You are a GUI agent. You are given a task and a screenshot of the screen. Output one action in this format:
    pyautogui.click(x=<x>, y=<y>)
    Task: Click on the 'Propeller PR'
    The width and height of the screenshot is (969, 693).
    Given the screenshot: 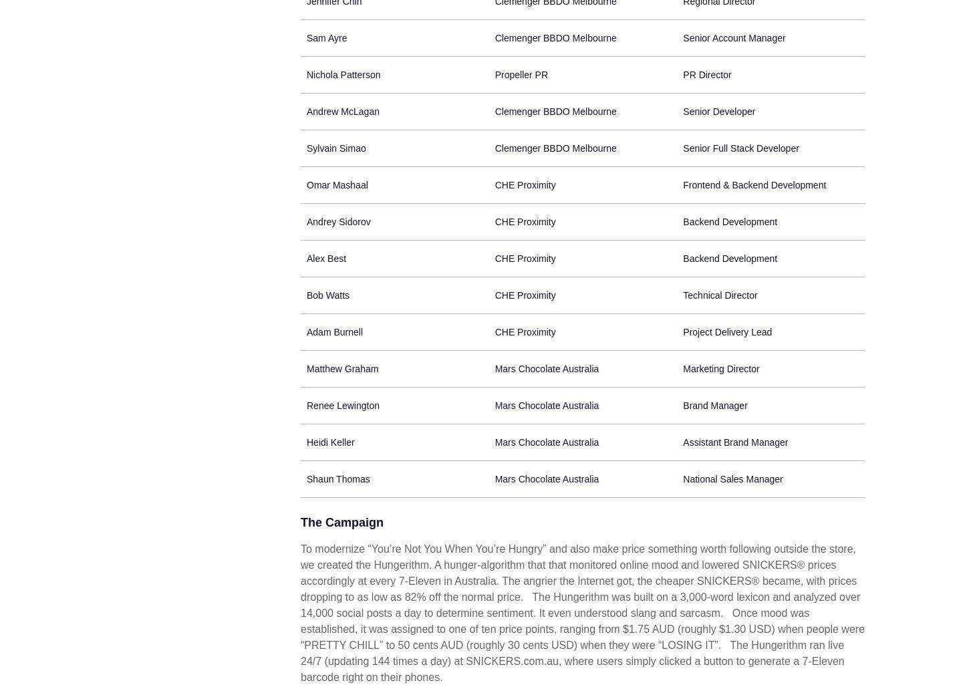 What is the action you would take?
    pyautogui.click(x=521, y=74)
    